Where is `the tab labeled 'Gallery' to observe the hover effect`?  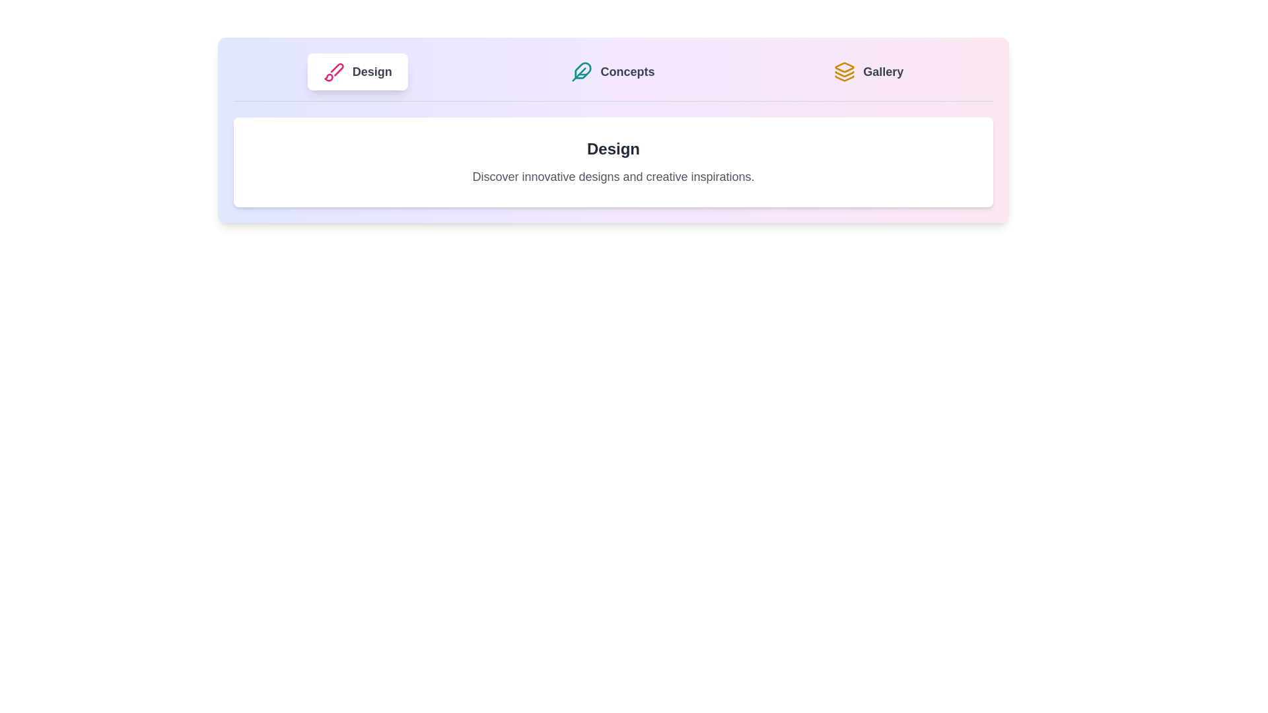 the tab labeled 'Gallery' to observe the hover effect is located at coordinates (868, 71).